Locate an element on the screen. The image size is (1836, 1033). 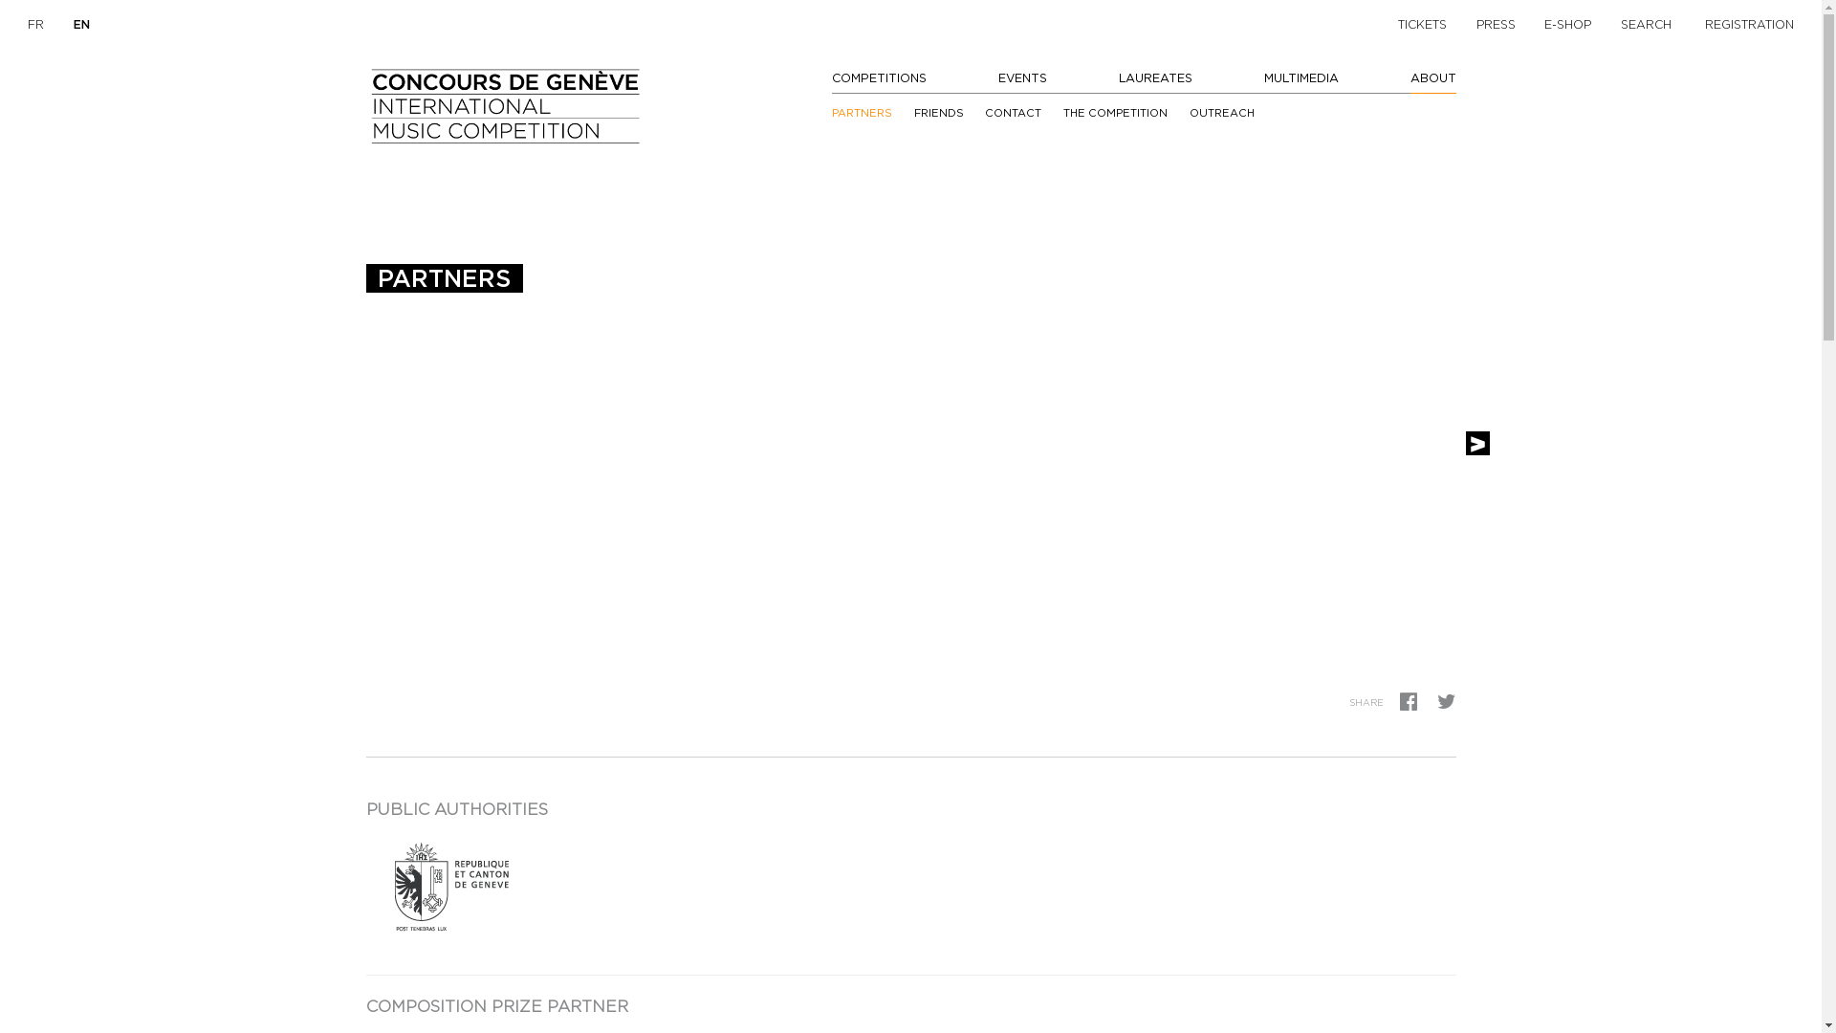
'COMPETITIONS' is located at coordinates (878, 77).